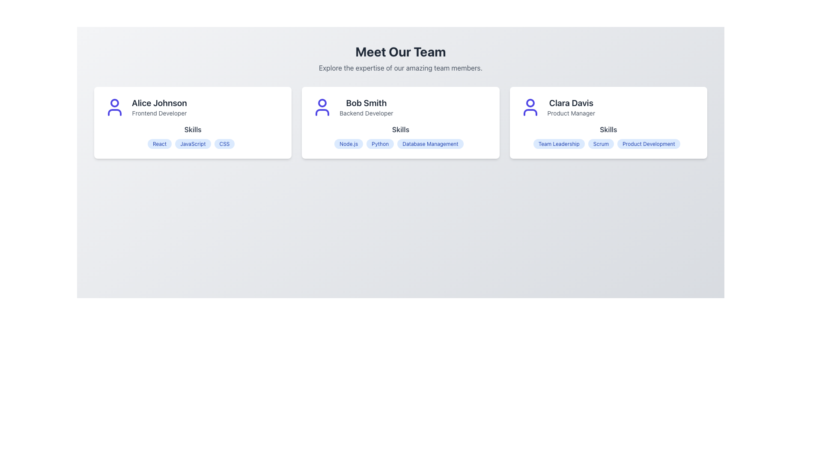  Describe the element at coordinates (400, 51) in the screenshot. I see `the heading text element that introduces the section for showcasing team members, which is centered horizontally at the top of the interface` at that location.